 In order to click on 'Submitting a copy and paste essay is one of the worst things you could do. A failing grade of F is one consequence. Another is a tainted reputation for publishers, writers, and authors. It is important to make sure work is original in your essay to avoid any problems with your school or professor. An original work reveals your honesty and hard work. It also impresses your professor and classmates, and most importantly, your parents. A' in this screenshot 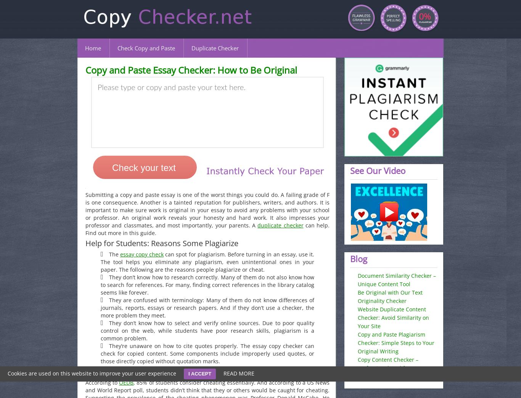, I will do `click(207, 210)`.